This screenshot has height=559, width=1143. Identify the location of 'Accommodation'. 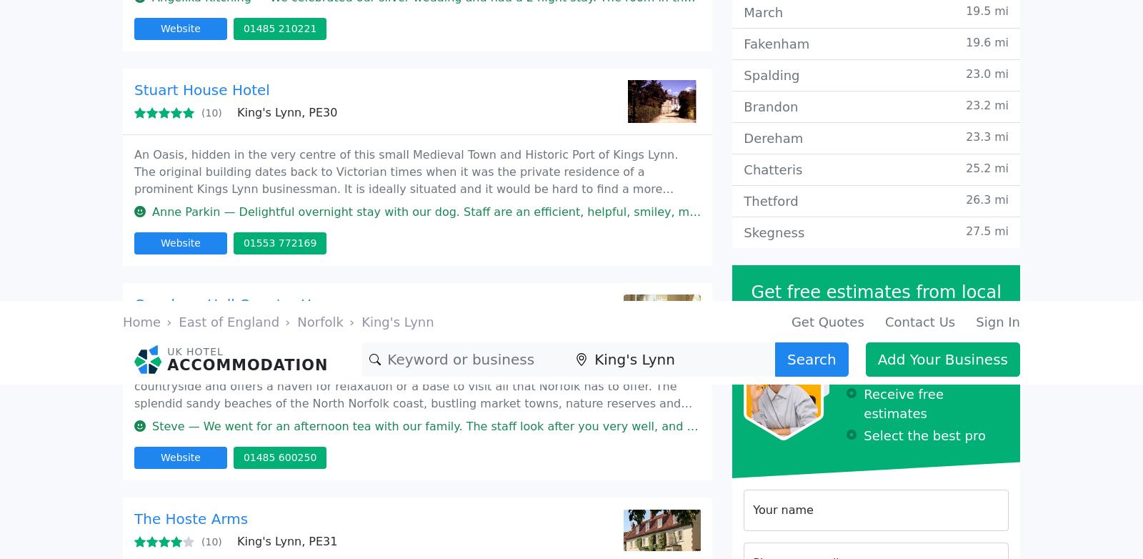
(272, 166).